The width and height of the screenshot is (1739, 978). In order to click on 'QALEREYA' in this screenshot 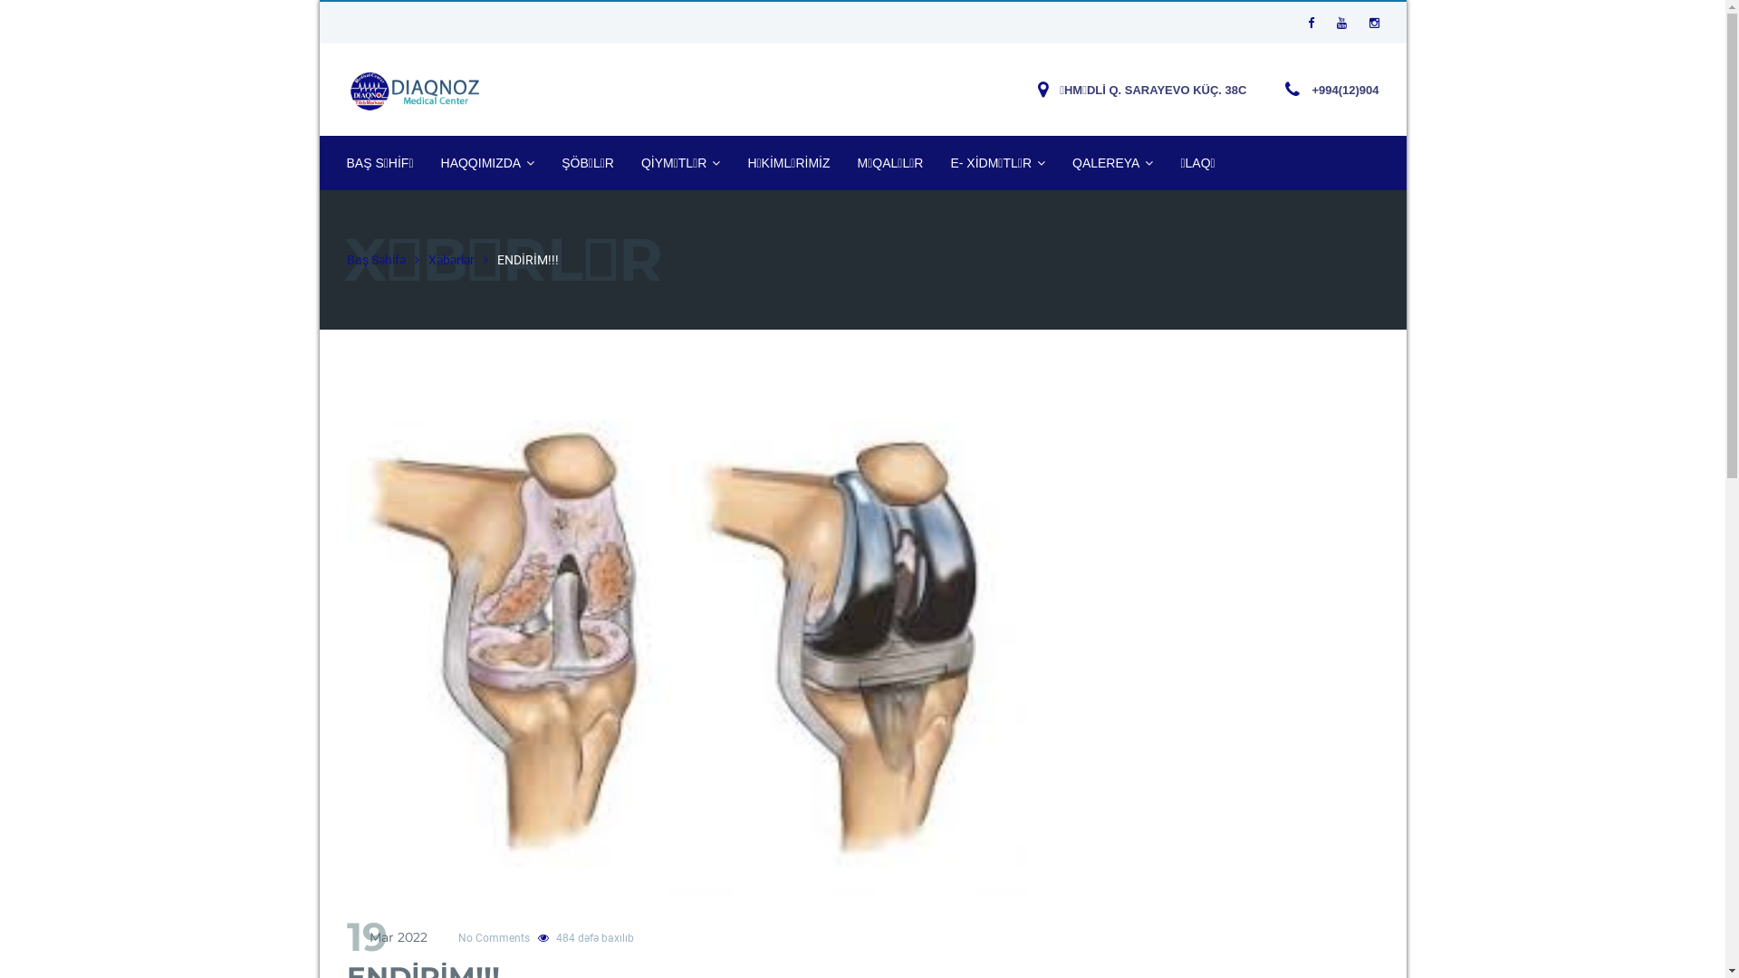, I will do `click(1111, 163)`.